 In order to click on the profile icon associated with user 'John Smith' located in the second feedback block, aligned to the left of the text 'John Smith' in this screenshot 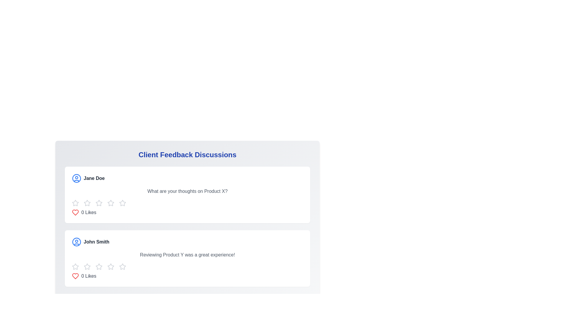, I will do `click(76, 242)`.